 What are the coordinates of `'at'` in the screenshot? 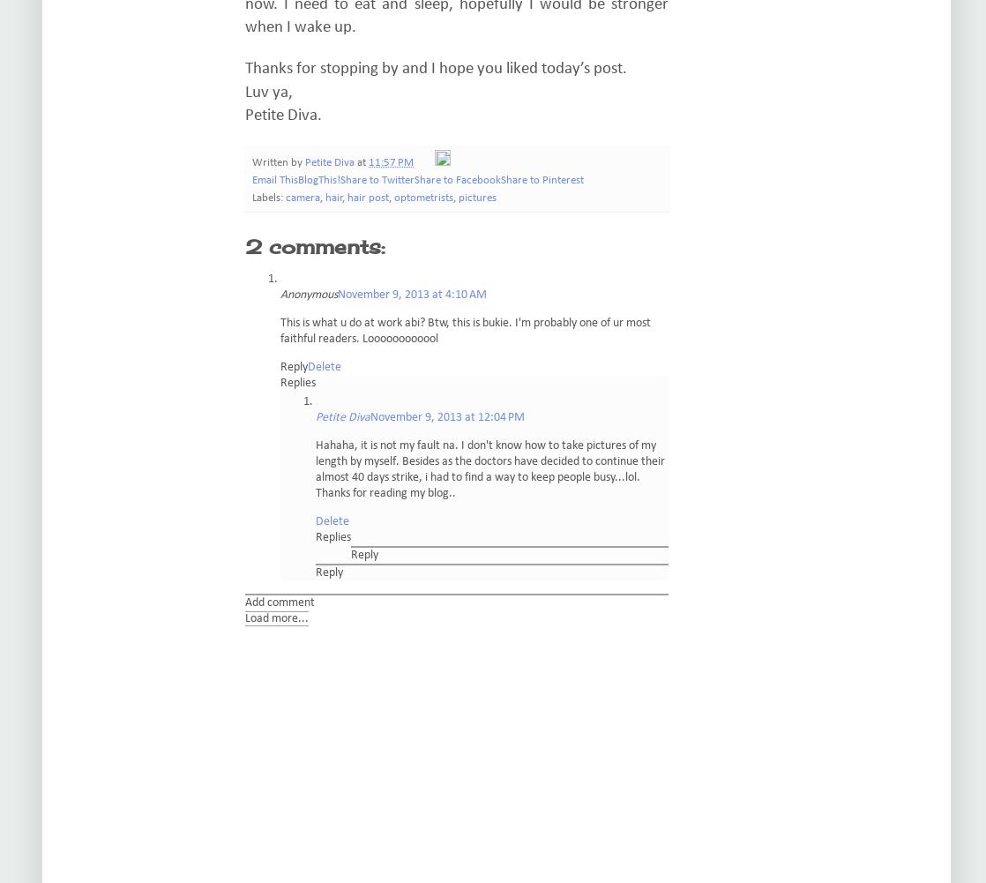 It's located at (362, 161).